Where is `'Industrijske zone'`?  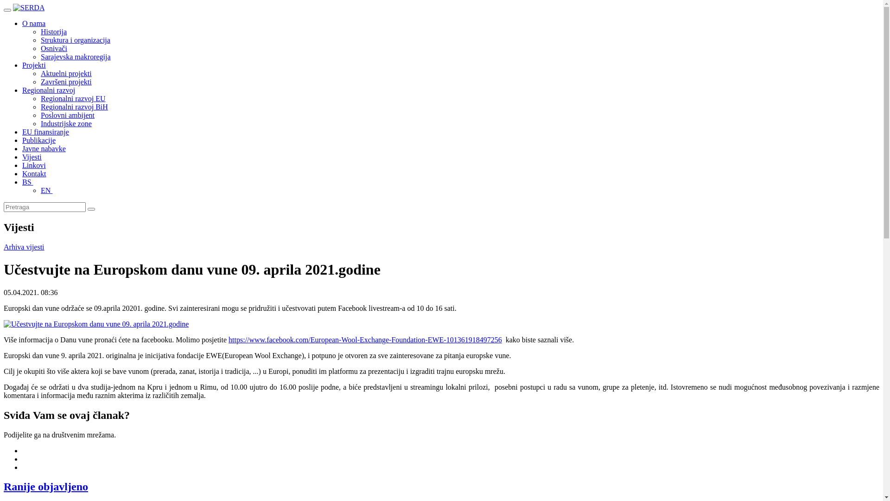
'Industrijske zone' is located at coordinates (66, 123).